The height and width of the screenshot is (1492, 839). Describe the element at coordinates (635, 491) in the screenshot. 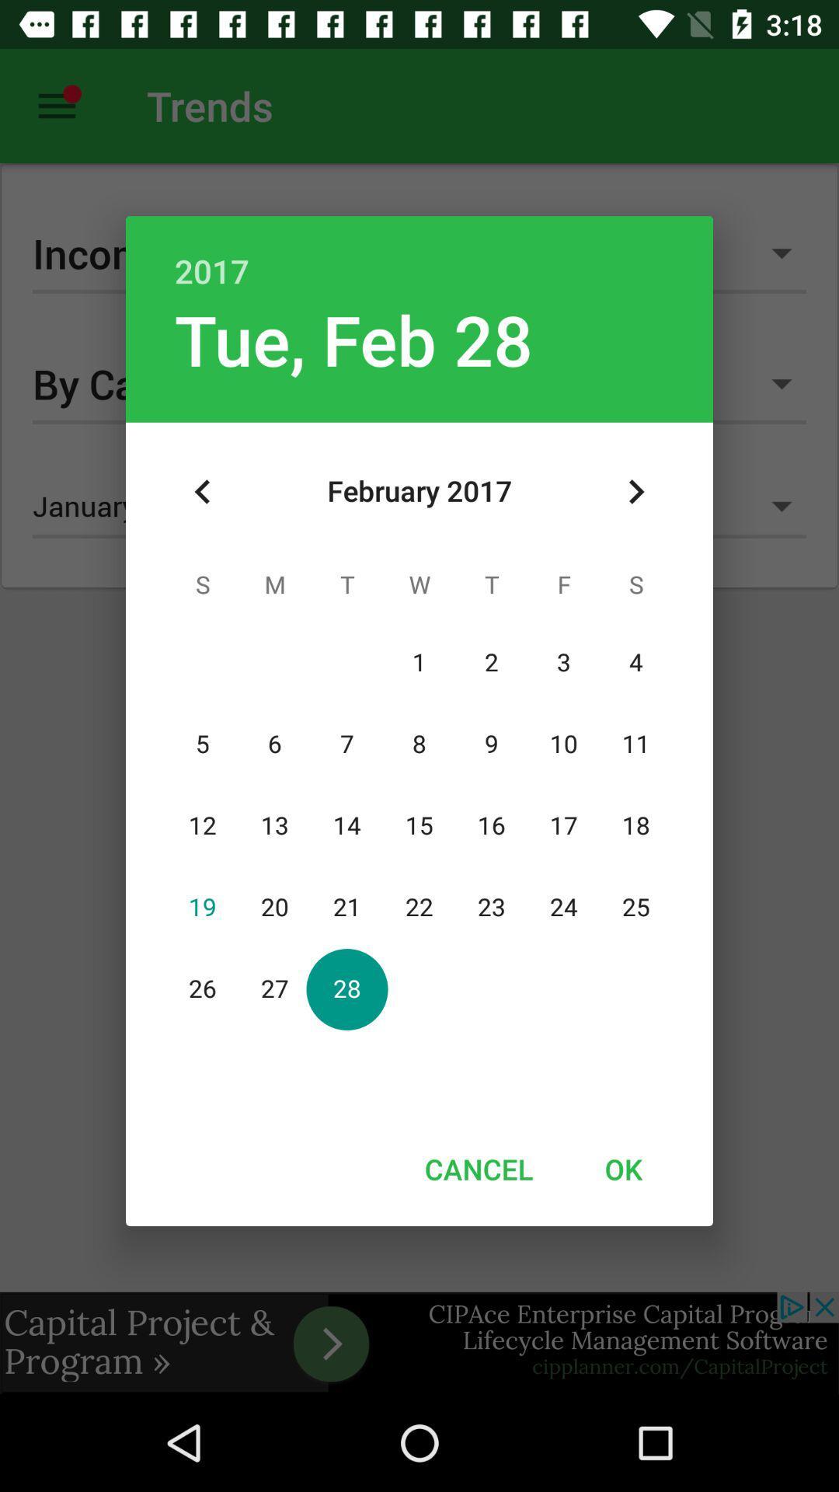

I see `the icon above the ok icon` at that location.